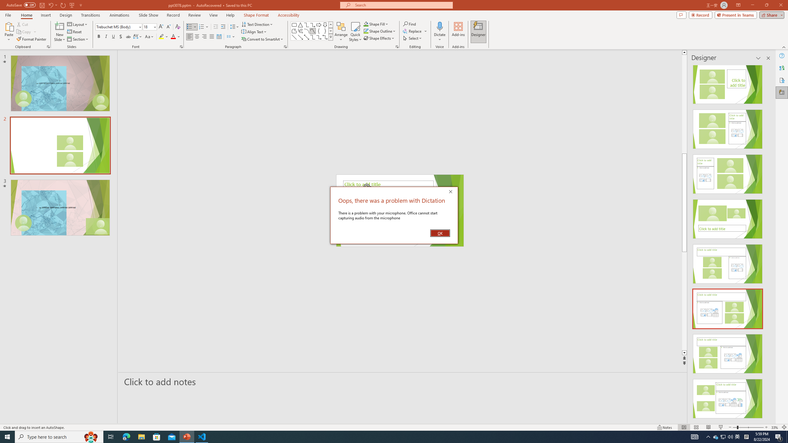  Describe the element at coordinates (728, 82) in the screenshot. I see `'Recommended Design: Design Idea'` at that location.